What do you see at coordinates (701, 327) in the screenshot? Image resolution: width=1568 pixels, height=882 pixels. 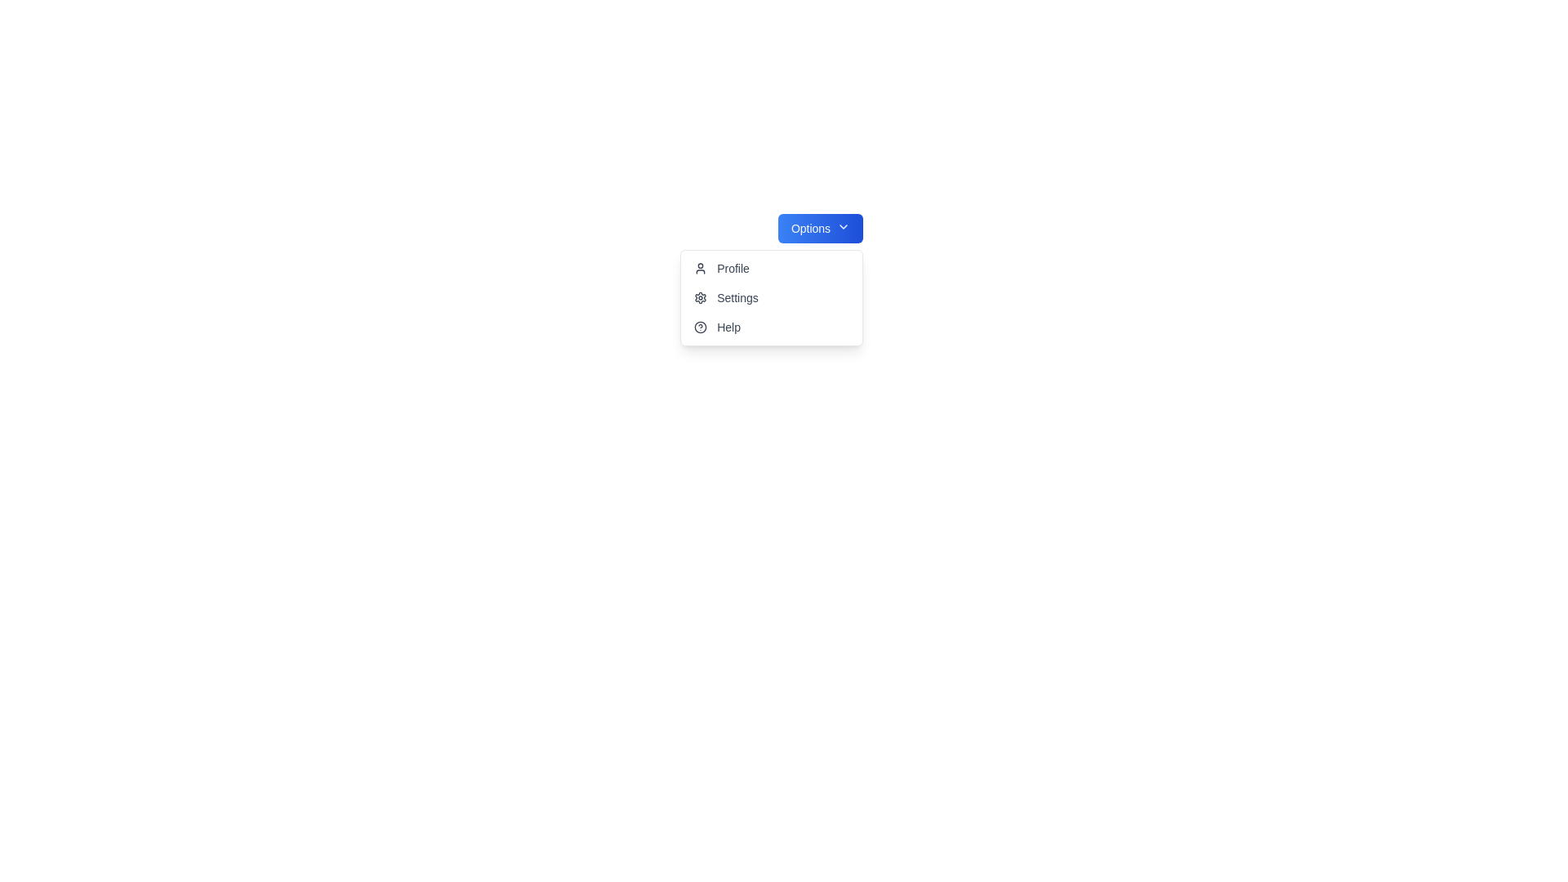 I see `the 'Help' icon located to the left of the 'Help' text in the dropdown menu under the 'Options' button` at bounding box center [701, 327].